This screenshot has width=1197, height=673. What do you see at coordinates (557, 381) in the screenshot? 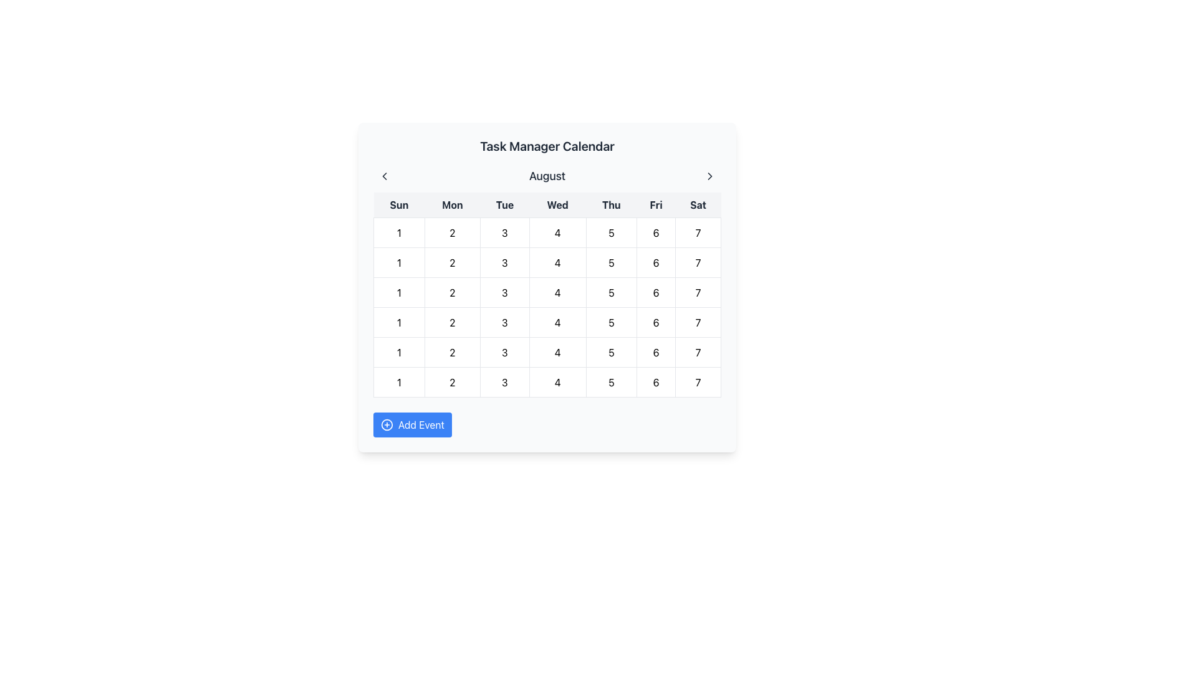
I see `the Calendar day cell that contains the number '4'` at bounding box center [557, 381].